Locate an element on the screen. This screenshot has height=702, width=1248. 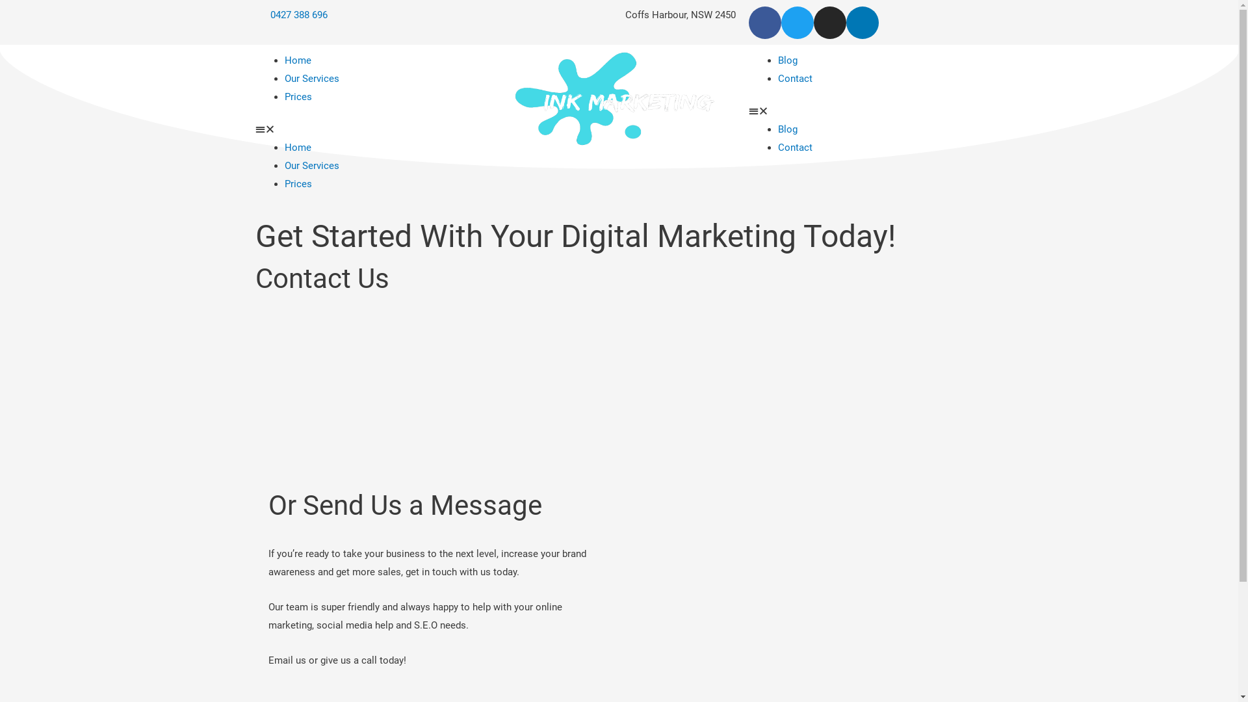
'Prices' is located at coordinates (298, 96).